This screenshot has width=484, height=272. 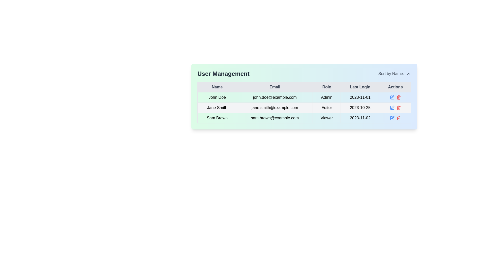 What do you see at coordinates (394, 74) in the screenshot?
I see `the upward-pointing caret icon in the 'Sort by Name:' label to change the sorting order` at bounding box center [394, 74].